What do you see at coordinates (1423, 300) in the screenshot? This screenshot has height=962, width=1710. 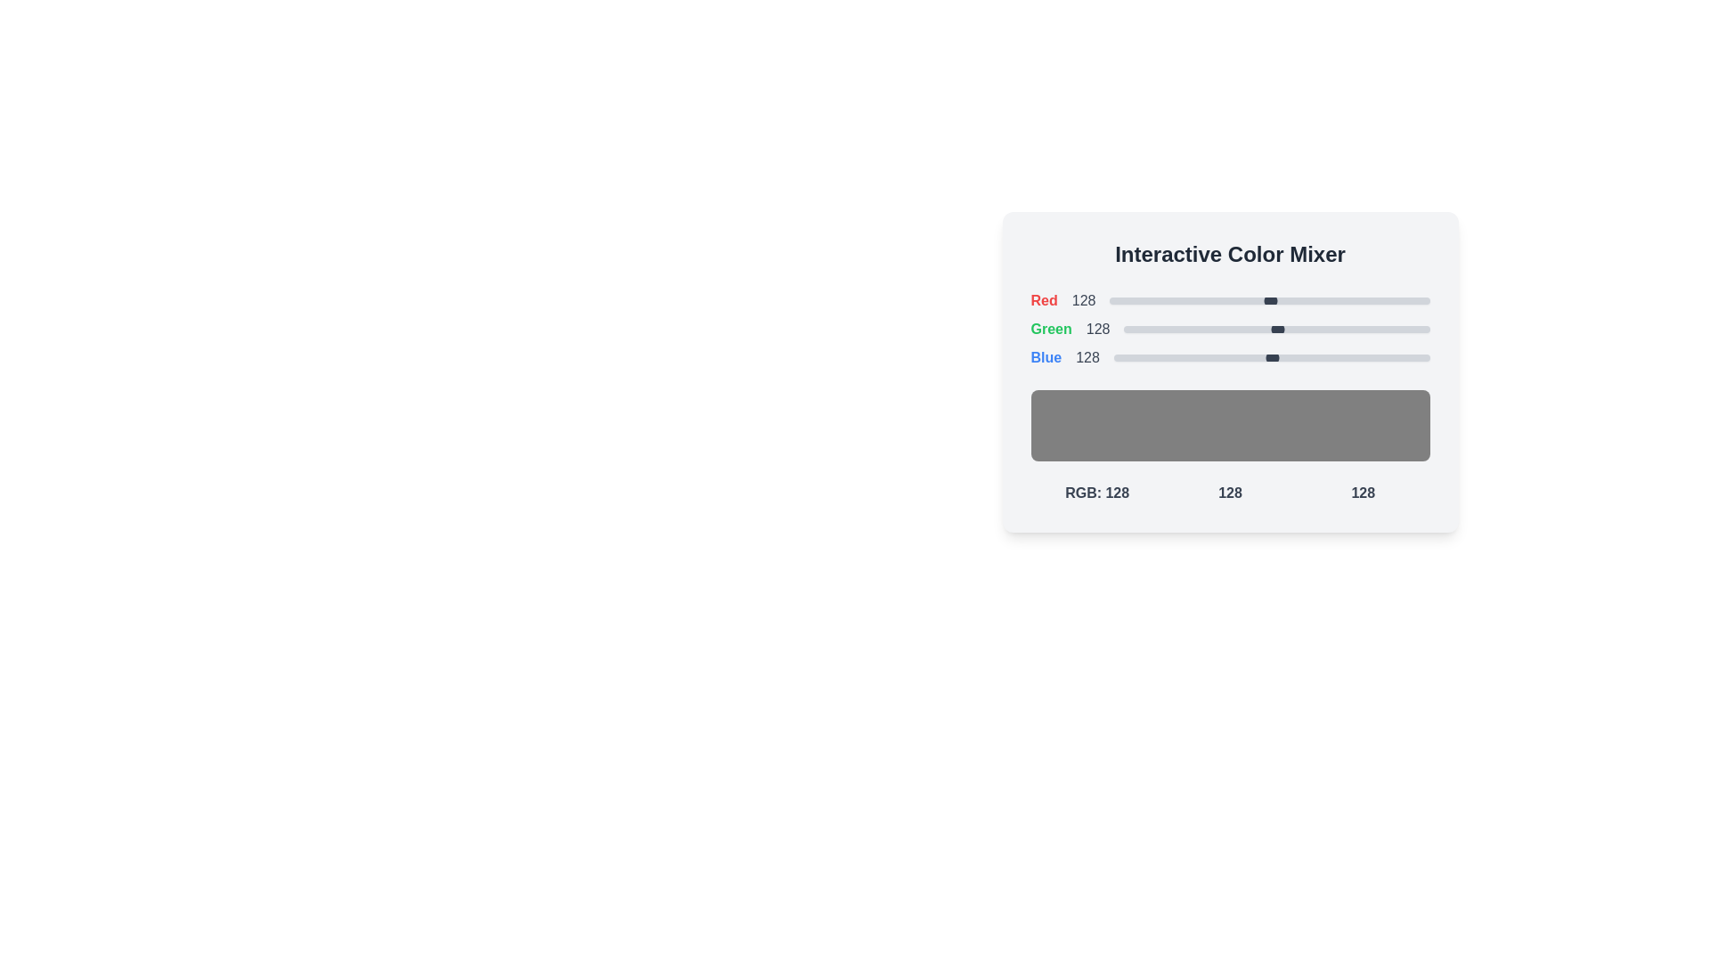 I see `the red color value` at bounding box center [1423, 300].